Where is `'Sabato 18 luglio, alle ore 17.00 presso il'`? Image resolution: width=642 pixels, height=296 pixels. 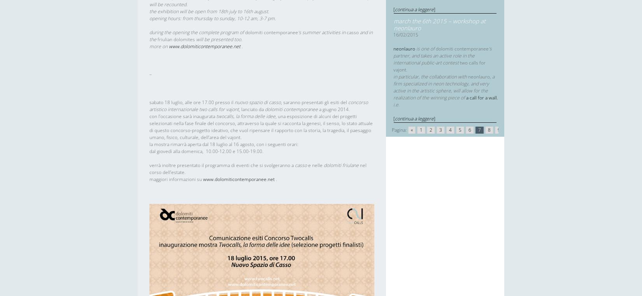
'Sabato 18 luglio, alle ore 17.00 presso il' is located at coordinates (191, 102).